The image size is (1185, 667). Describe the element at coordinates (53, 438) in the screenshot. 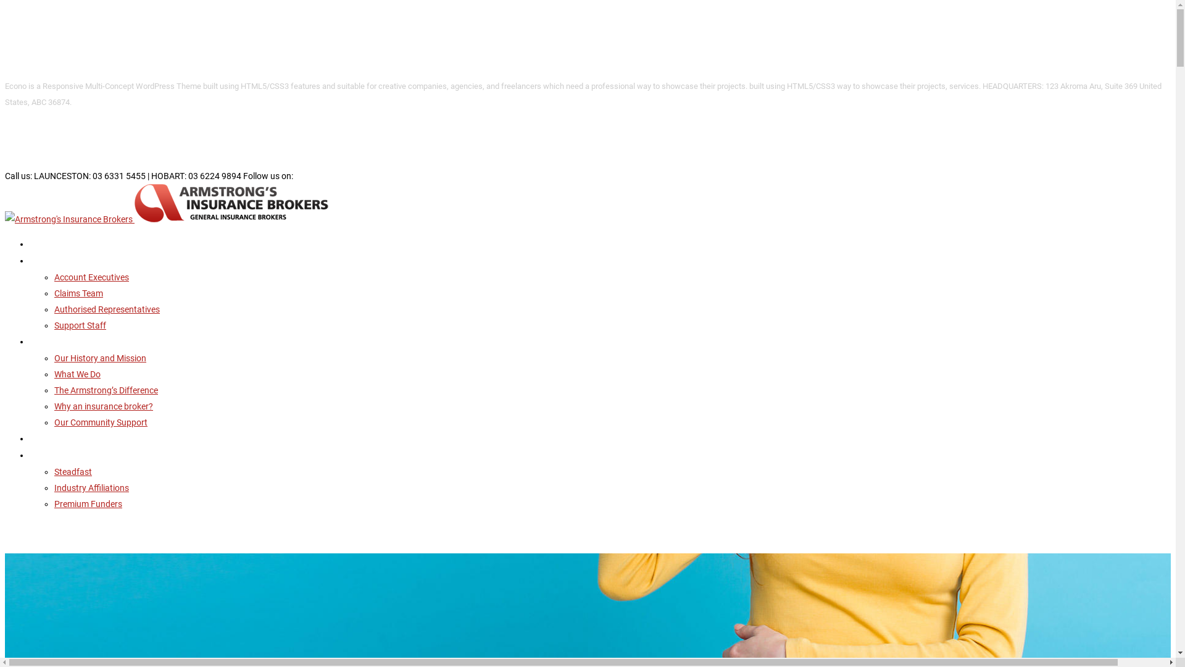

I see `'CONTACT US'` at that location.